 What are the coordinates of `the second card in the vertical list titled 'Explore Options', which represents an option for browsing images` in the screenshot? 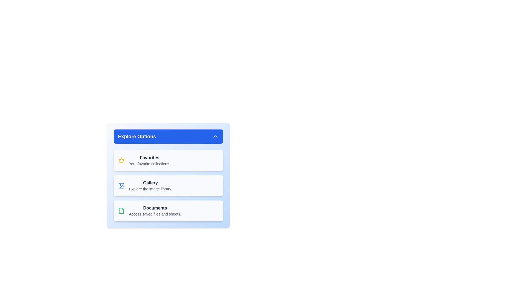 It's located at (150, 185).